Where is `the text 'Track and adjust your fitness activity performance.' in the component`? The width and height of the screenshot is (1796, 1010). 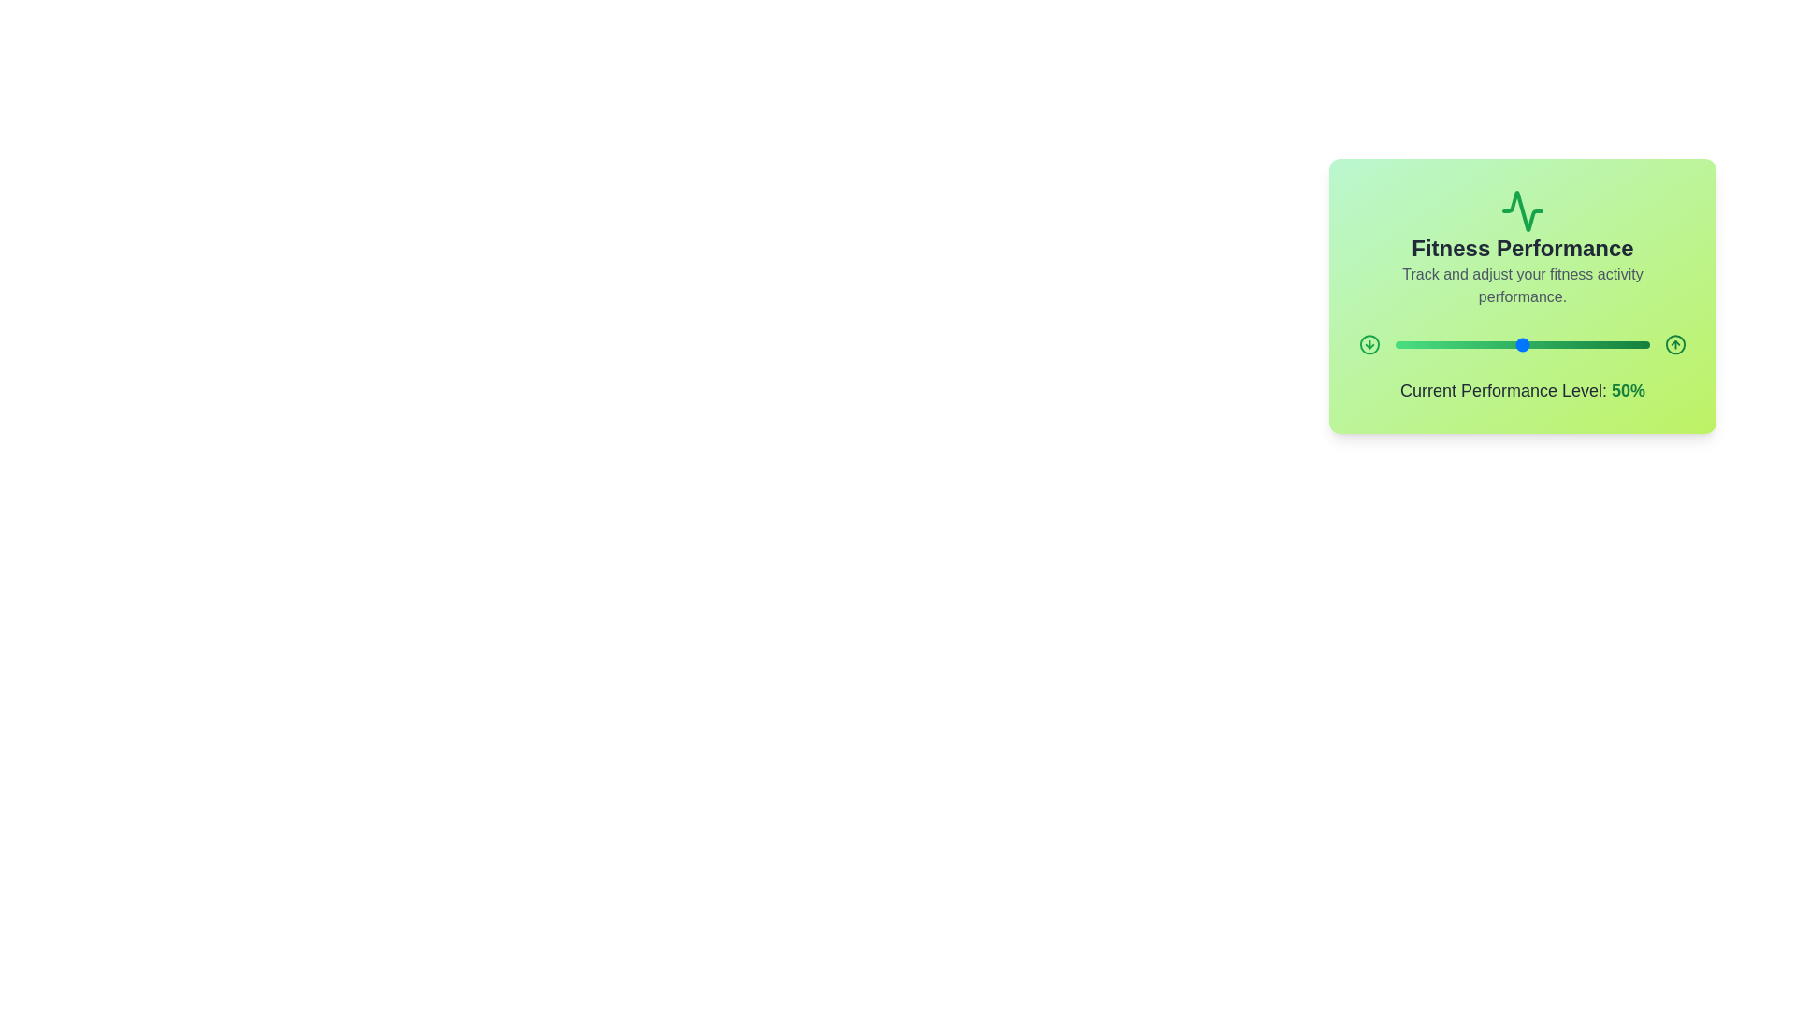 the text 'Track and adjust your fitness activity performance.' in the component is located at coordinates (1522, 285).